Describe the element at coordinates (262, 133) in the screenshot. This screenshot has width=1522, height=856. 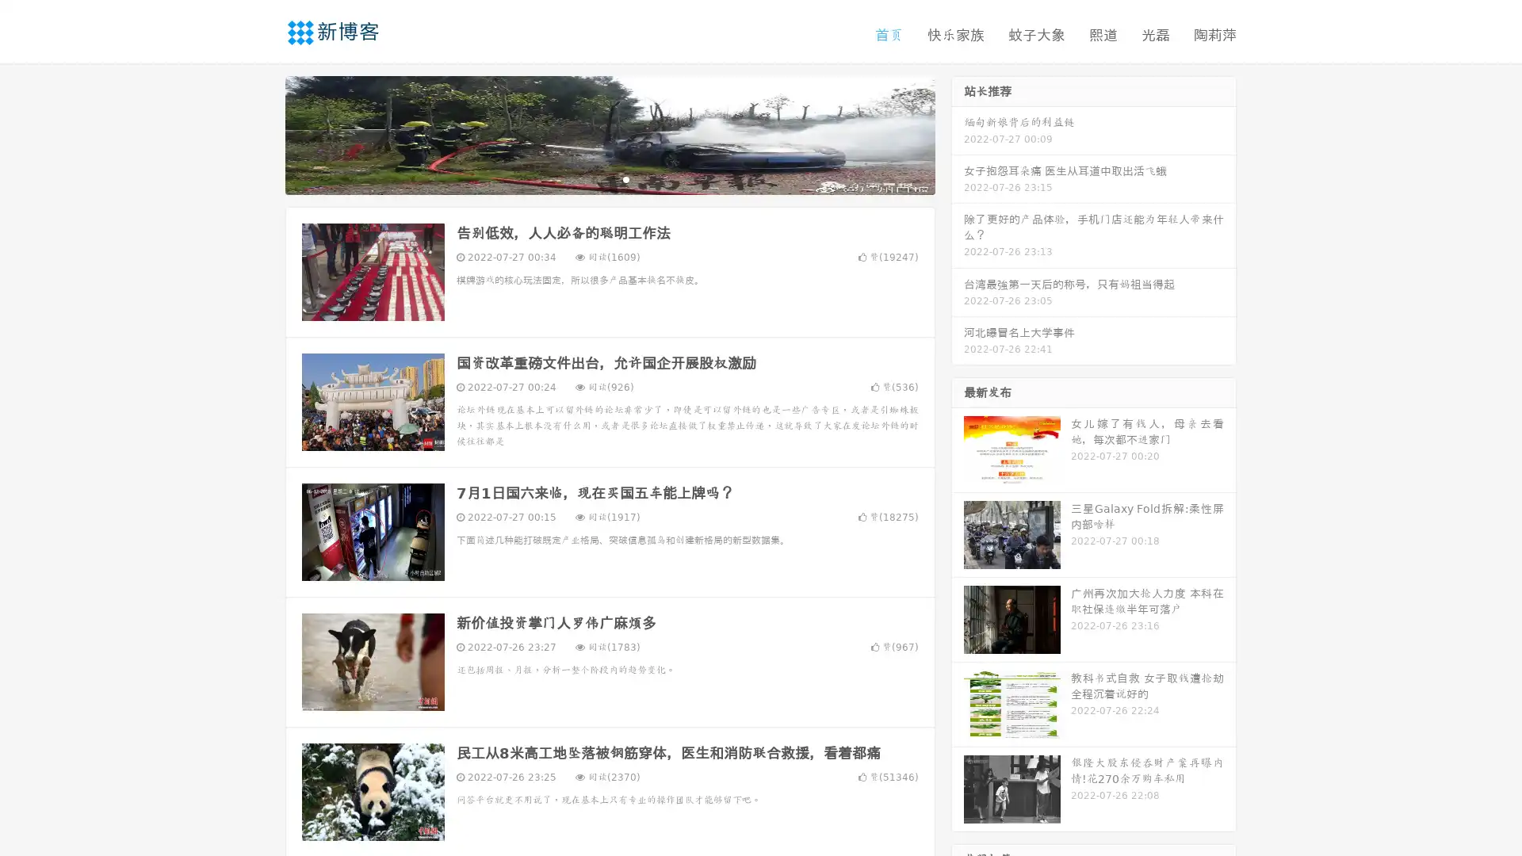
I see `Previous slide` at that location.